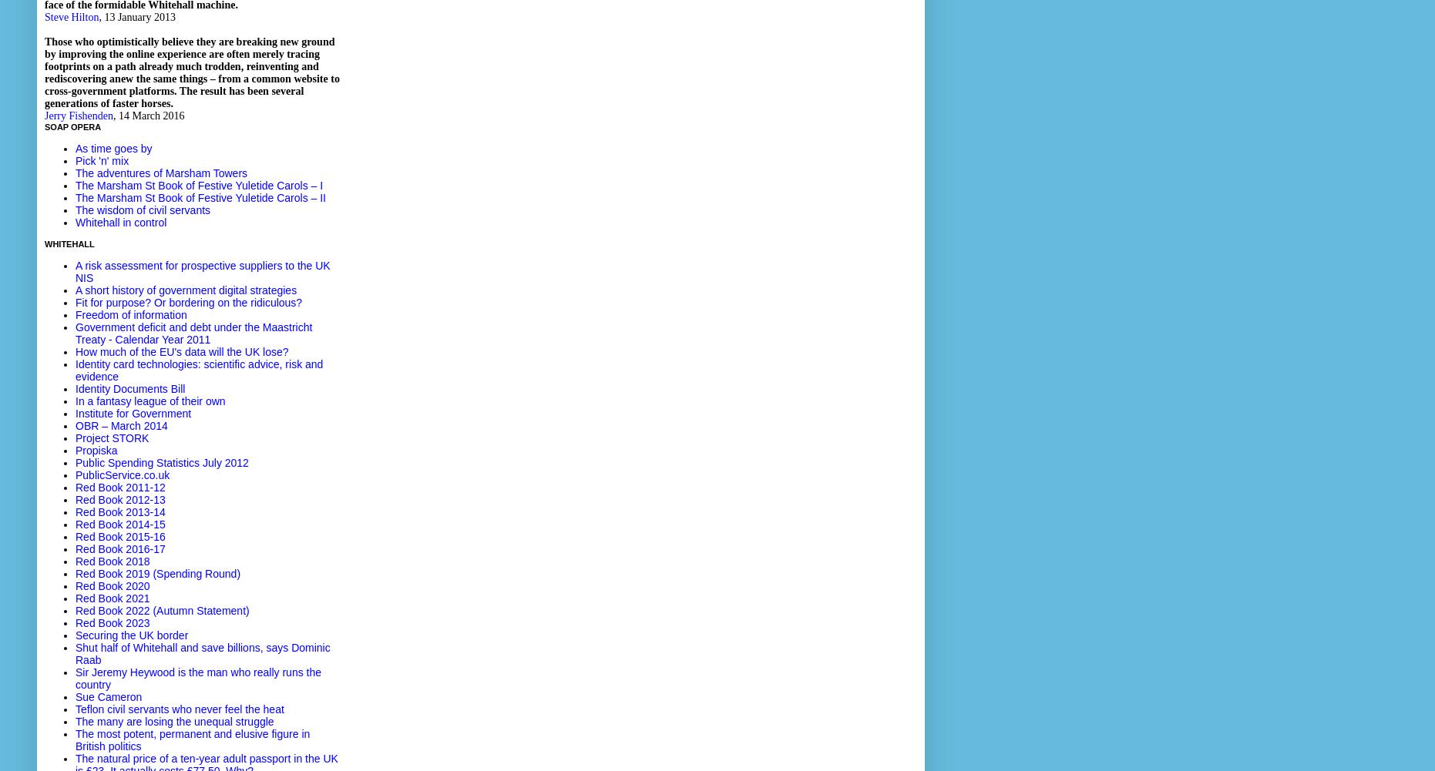  Describe the element at coordinates (142, 209) in the screenshot. I see `'The wisdom of civil servants'` at that location.